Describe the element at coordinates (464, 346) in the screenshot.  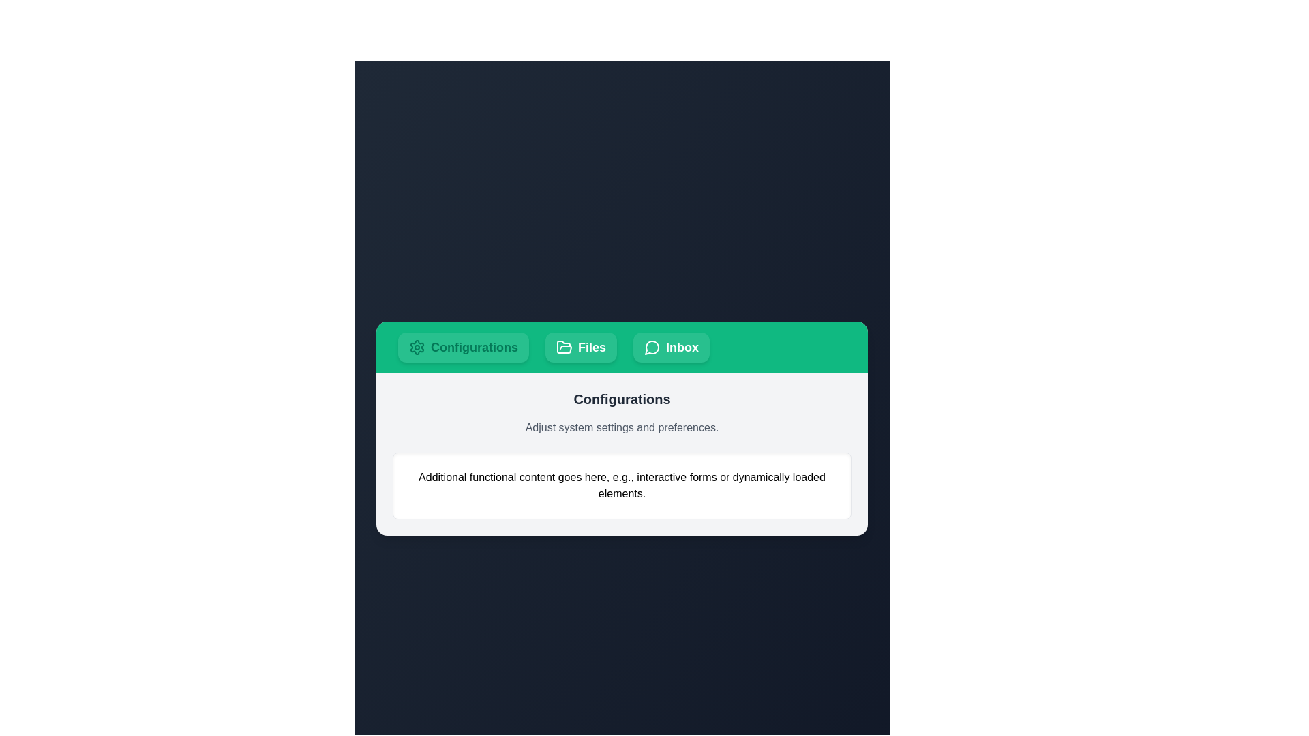
I see `the tab identified by Configurations` at that location.